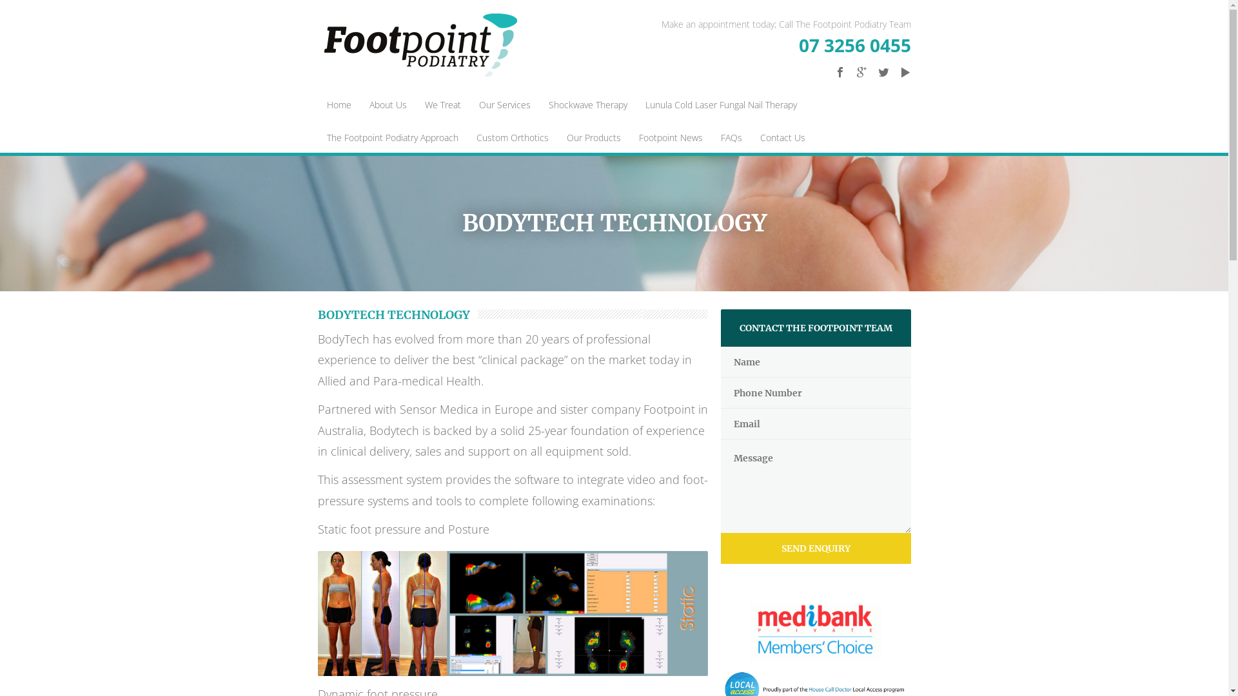  What do you see at coordinates (815, 548) in the screenshot?
I see `'SEND ENQUIRY'` at bounding box center [815, 548].